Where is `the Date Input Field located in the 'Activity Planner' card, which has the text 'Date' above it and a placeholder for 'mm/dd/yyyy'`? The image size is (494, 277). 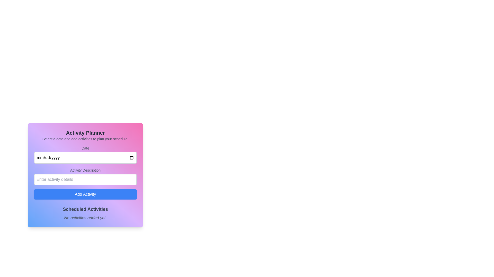 the Date Input Field located in the 'Activity Planner' card, which has the text 'Date' above it and a placeholder for 'mm/dd/yyyy' is located at coordinates (85, 154).